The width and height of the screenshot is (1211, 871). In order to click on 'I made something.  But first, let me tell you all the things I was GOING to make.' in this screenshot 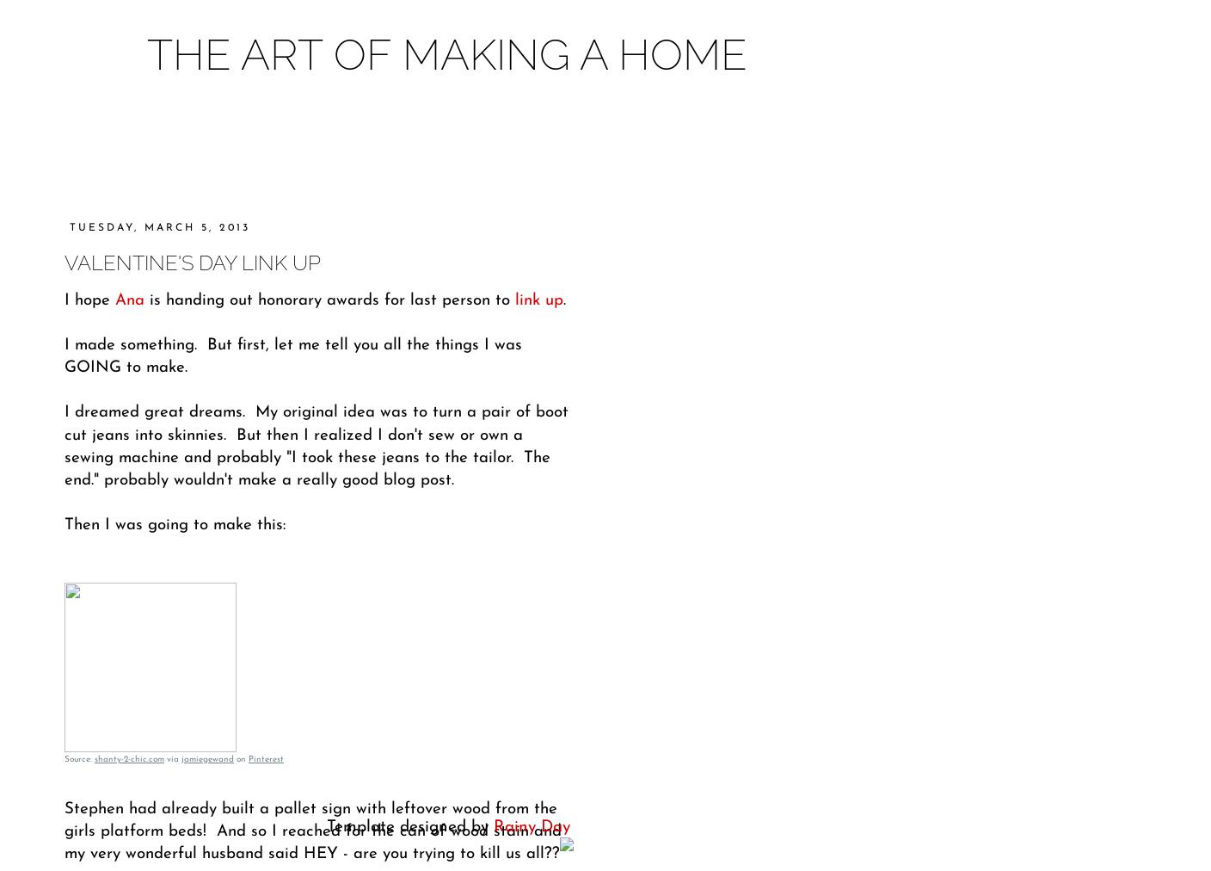, I will do `click(293, 356)`.